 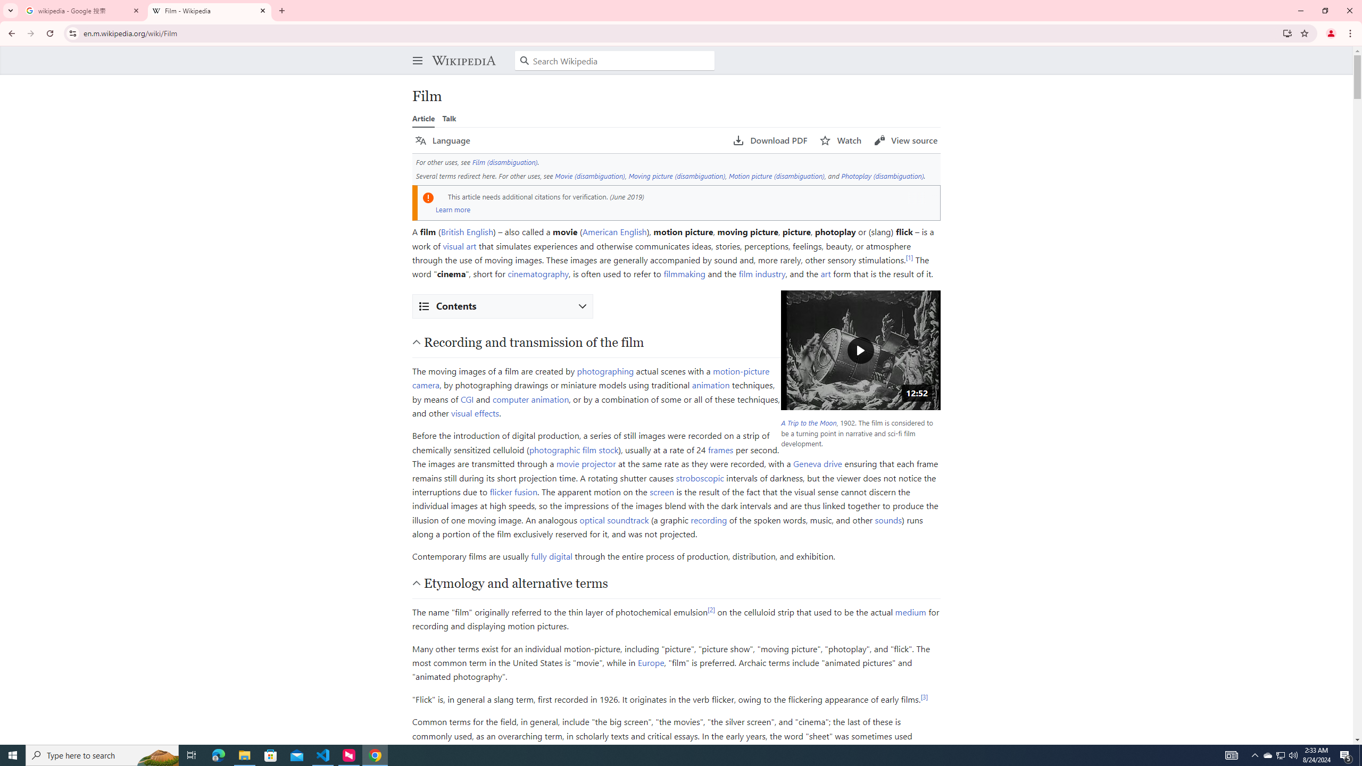 I want to click on 'Play video', so click(x=860, y=350).